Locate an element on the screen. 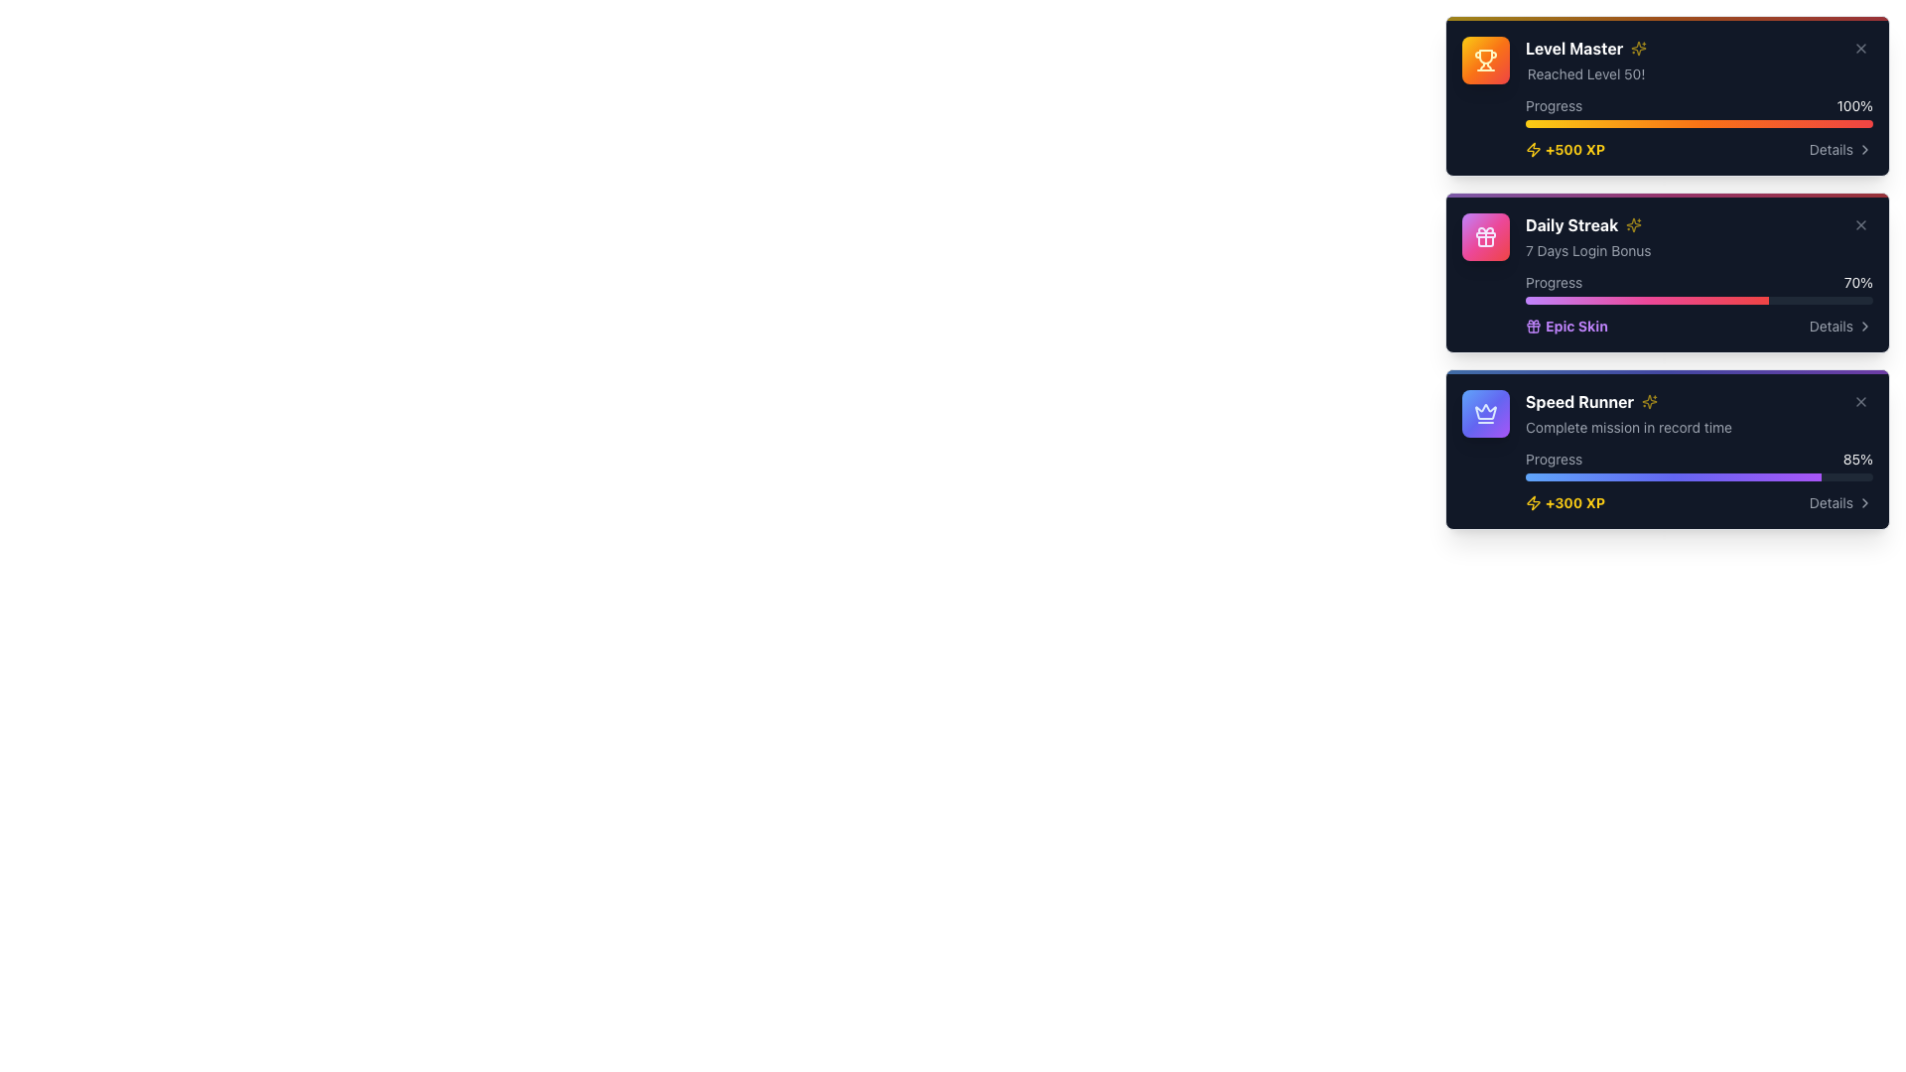 This screenshot has height=1072, width=1906. the Progress bar in the notification card titled 'Level Master ✨', located below the 'Progress' label and between the values 'Progress' and '100%' is located at coordinates (1699, 123).